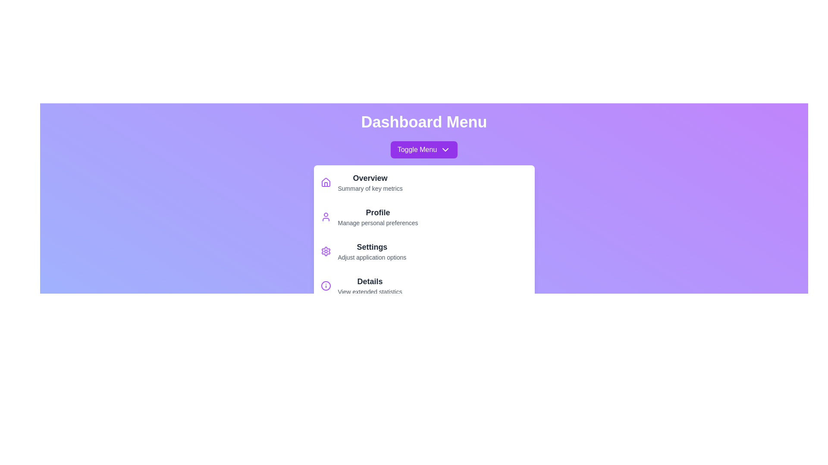 This screenshot has width=828, height=465. What do you see at coordinates (424, 182) in the screenshot?
I see `the menu item Overview from the menu` at bounding box center [424, 182].